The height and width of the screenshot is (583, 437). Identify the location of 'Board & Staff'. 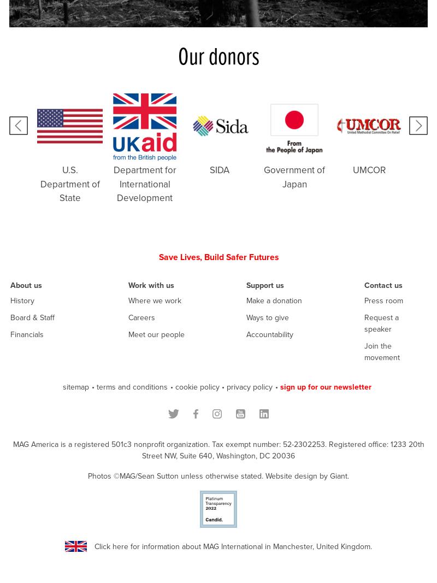
(31, 317).